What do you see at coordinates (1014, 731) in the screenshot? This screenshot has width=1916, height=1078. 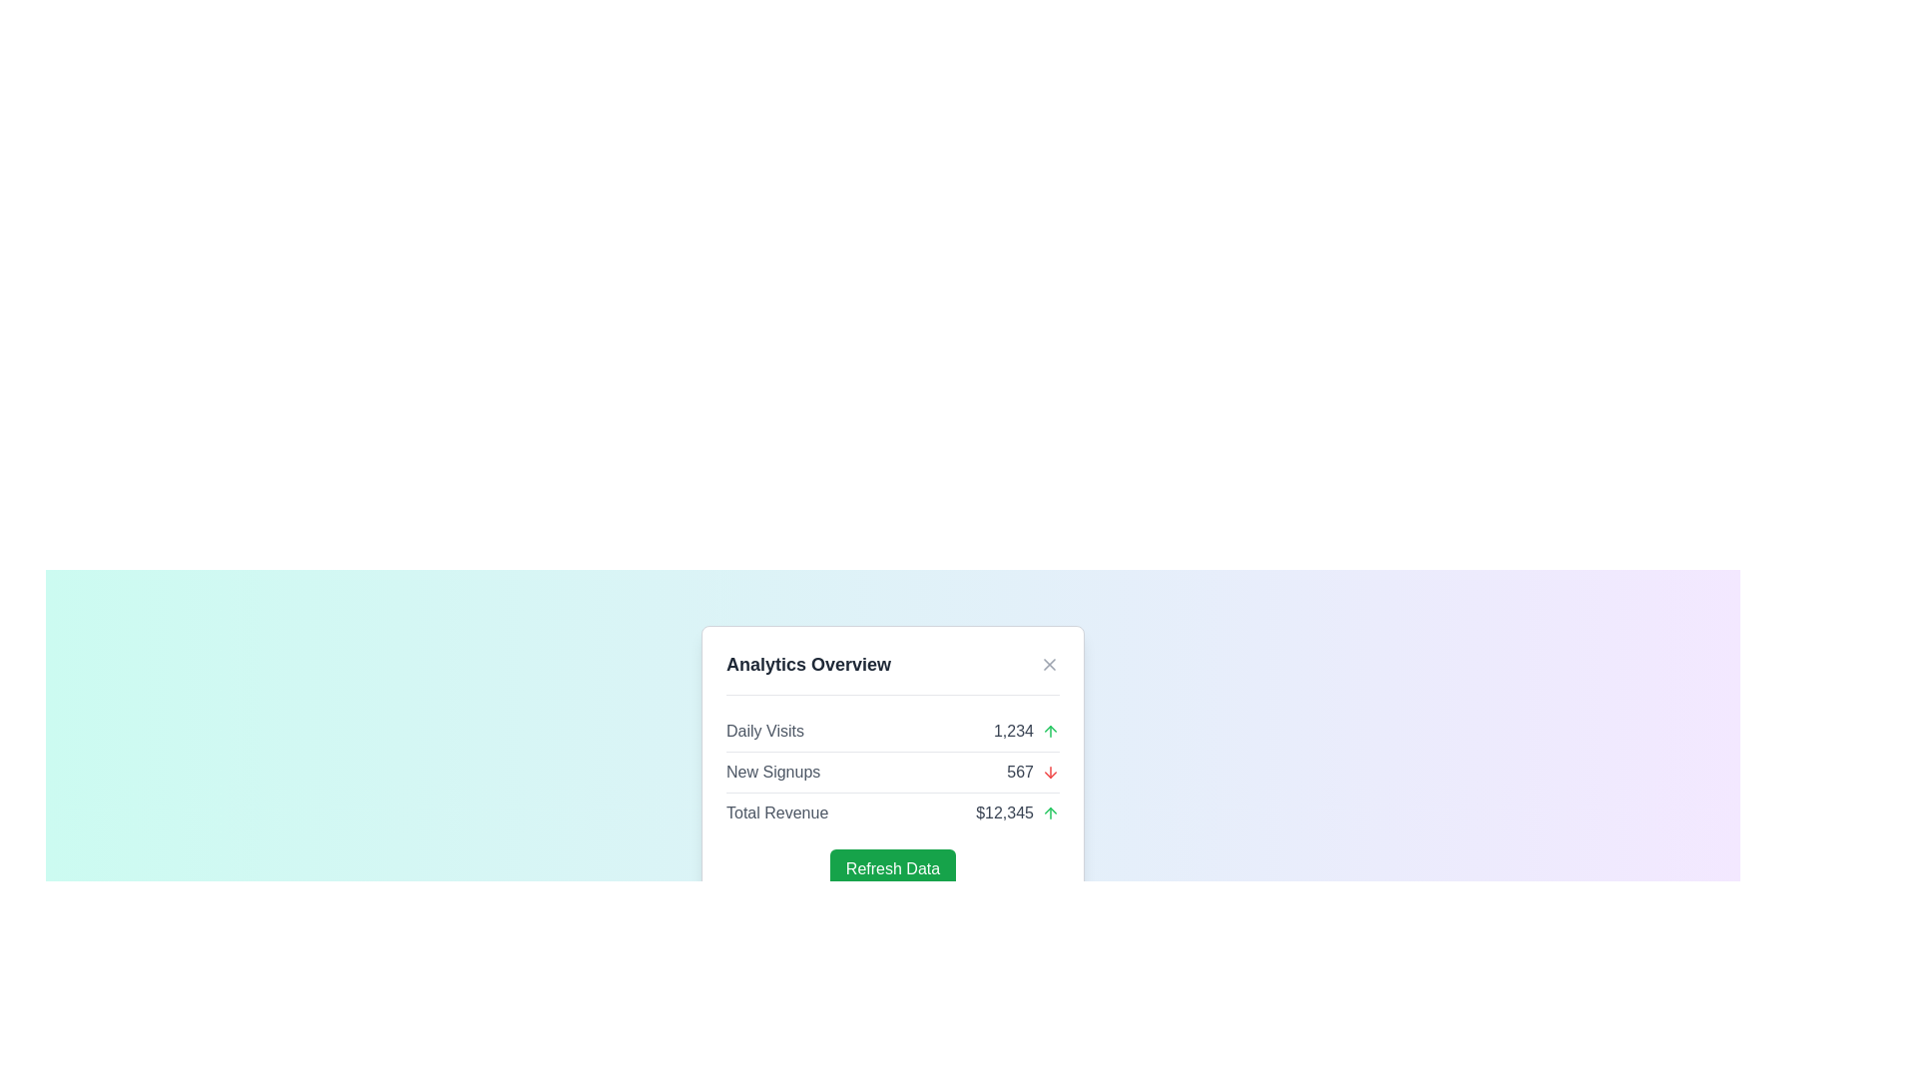 I see `the Text Display that shows the current count of daily visits in the Analytics Overview card, located under the 'Daily Visits' label` at bounding box center [1014, 731].